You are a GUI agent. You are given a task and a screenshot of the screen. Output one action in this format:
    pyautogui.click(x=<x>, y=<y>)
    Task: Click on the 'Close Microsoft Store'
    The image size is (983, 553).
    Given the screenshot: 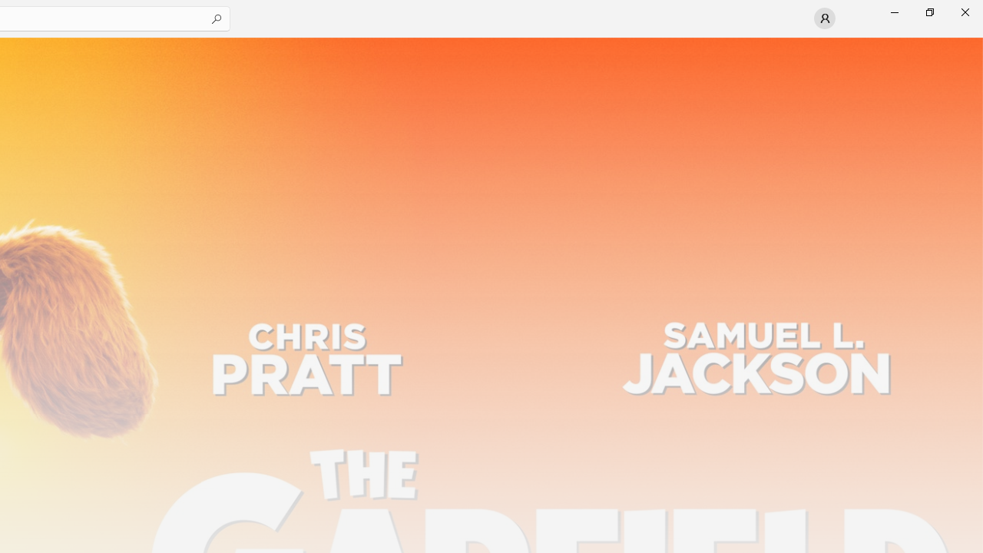 What is the action you would take?
    pyautogui.click(x=964, y=12)
    